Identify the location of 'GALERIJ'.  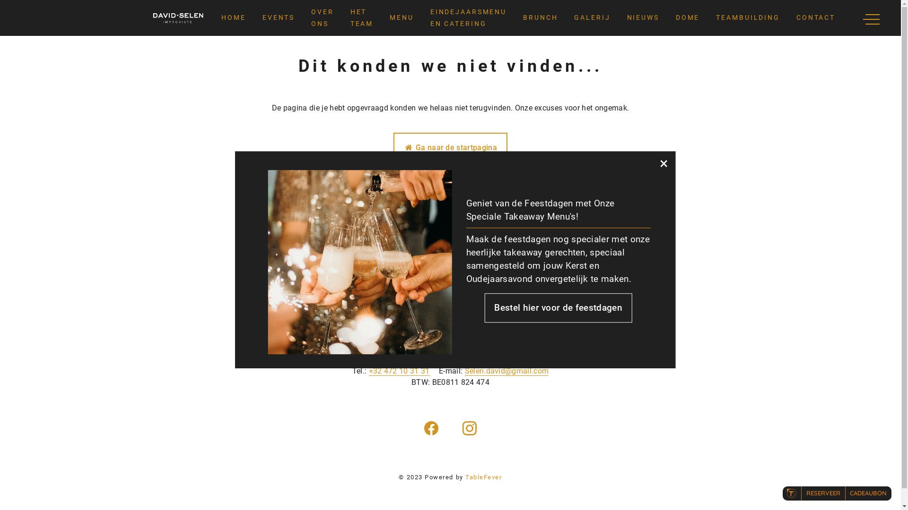
(592, 18).